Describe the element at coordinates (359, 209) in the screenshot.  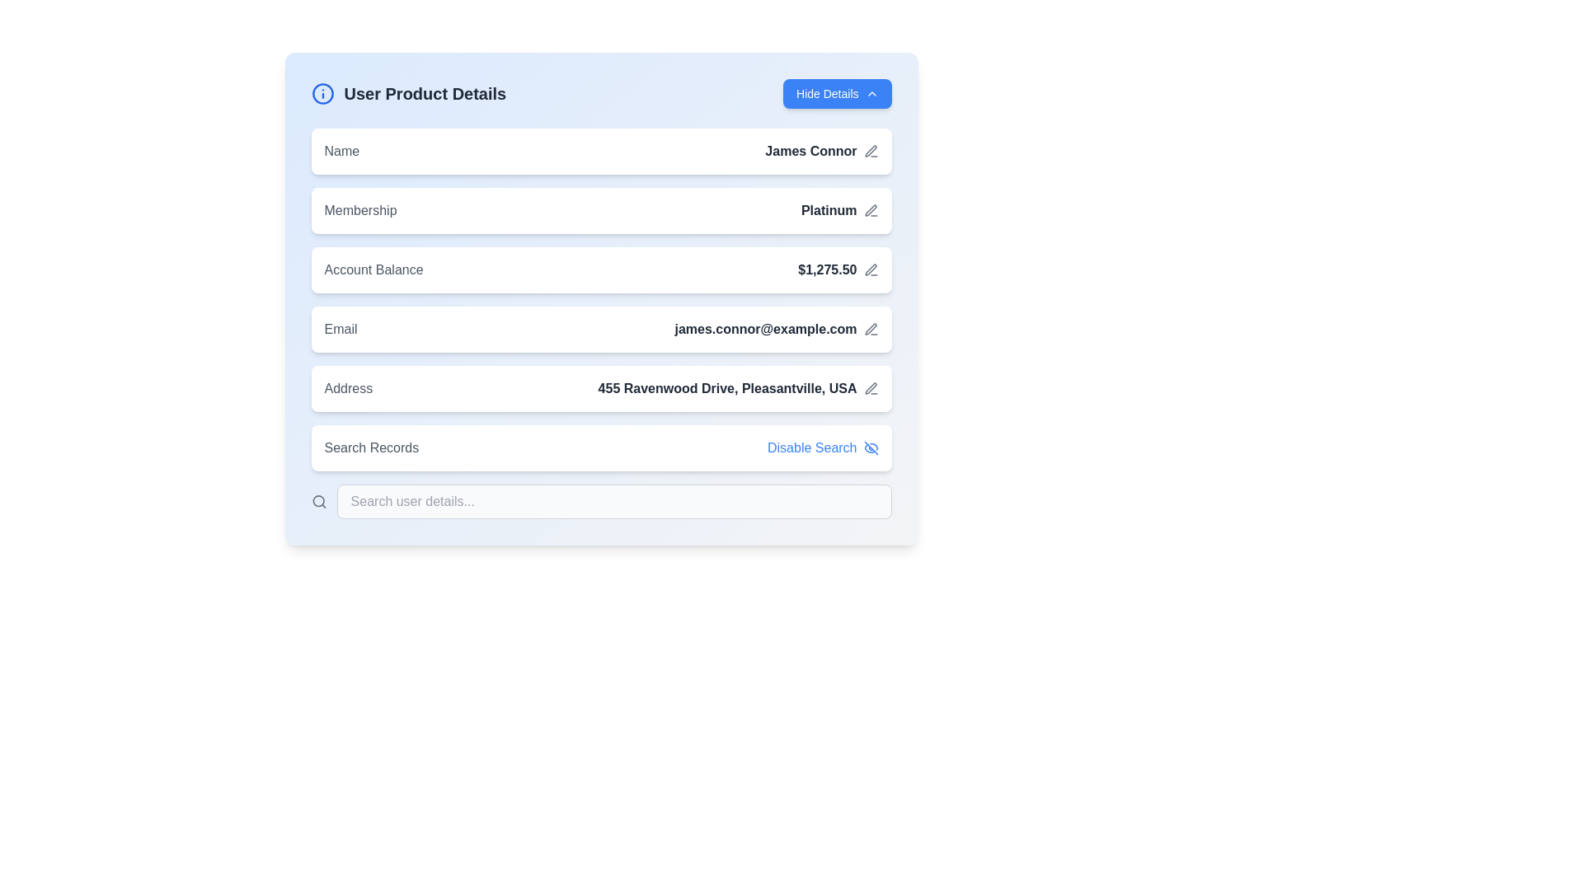
I see `the Text label that categorizes the user's membership type, located at the top left of the 'User Product Details' section, adjacent to the 'Platinum' text and an edit icon` at that location.